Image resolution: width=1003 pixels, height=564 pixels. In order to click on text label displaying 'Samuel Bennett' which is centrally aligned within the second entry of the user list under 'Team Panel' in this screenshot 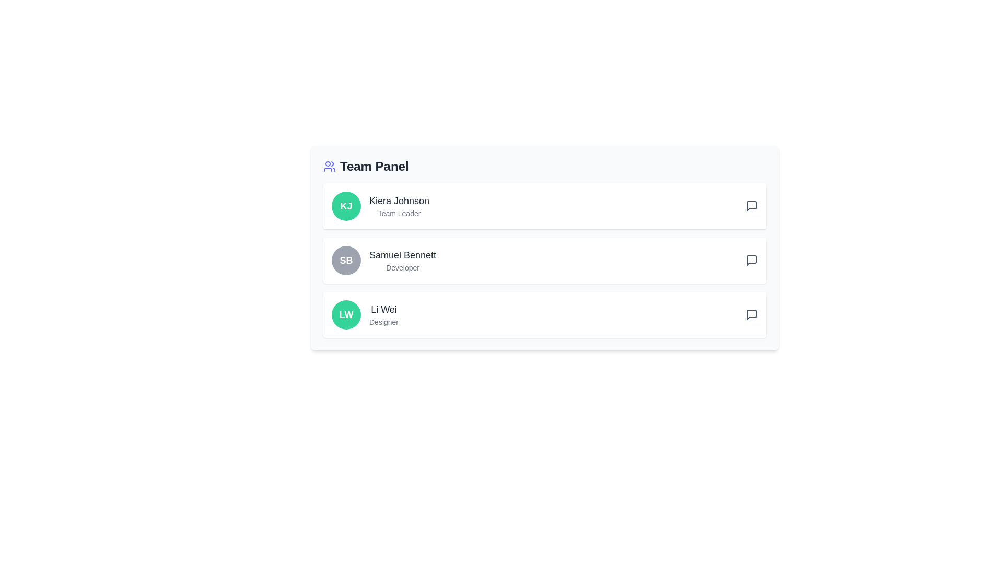, I will do `click(402, 255)`.